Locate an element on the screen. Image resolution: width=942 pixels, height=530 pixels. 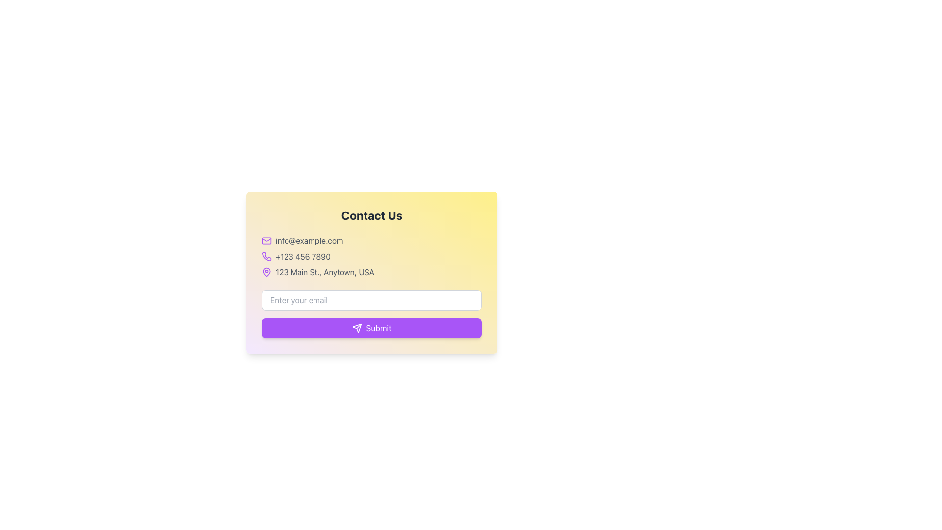
the purple mail icon with a rectangular envelope shape that is located to the left of the text 'info@example.com' is located at coordinates (266, 240).